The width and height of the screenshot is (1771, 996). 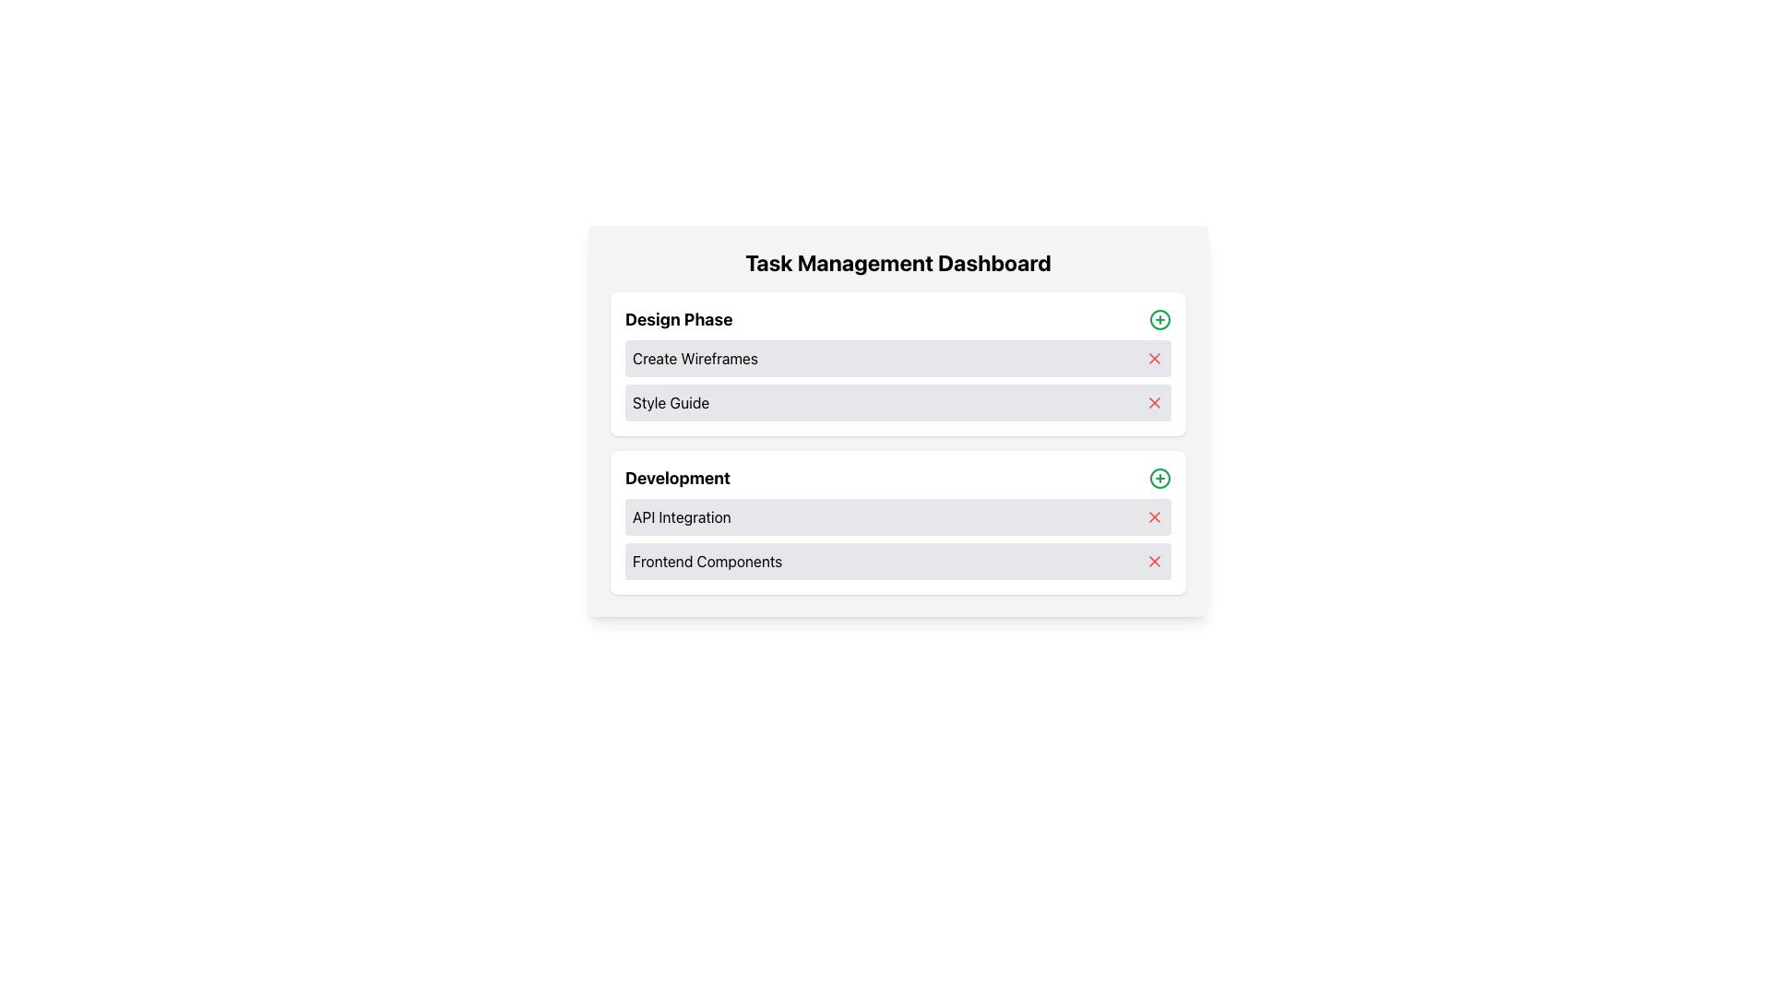 I want to click on the header text 'Task Management Dashboard' which is prominently styled in black bold and centered in the upper part of the panel, so click(x=898, y=263).